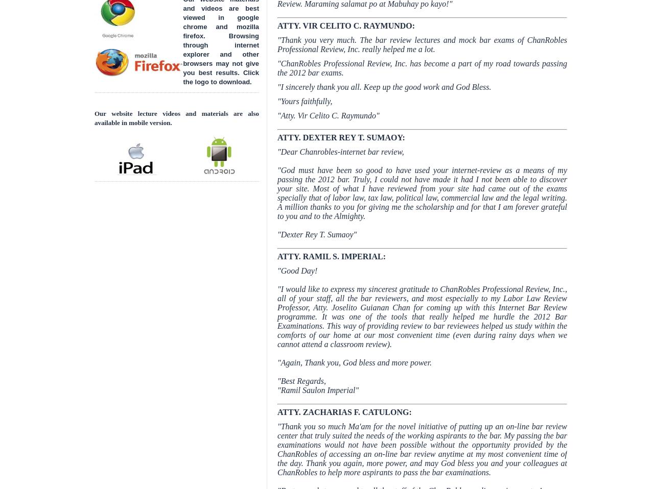  Describe the element at coordinates (344, 411) in the screenshot. I see `'ATTY. ZACHARIAS F. CATULONG:'` at that location.